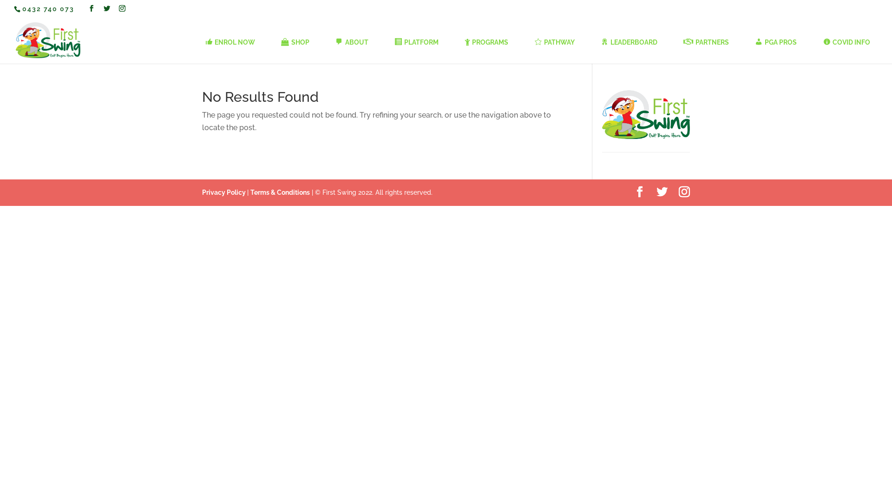 This screenshot has height=502, width=892. What do you see at coordinates (328, 49) in the screenshot?
I see `'ABOUT'` at bounding box center [328, 49].